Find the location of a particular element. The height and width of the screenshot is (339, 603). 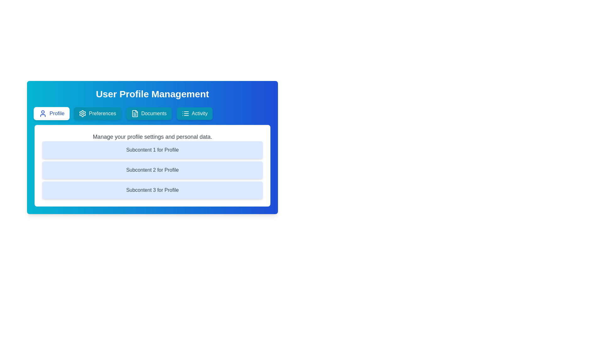

the 'Profile' tab button in the User Profile Management section is located at coordinates (52, 114).